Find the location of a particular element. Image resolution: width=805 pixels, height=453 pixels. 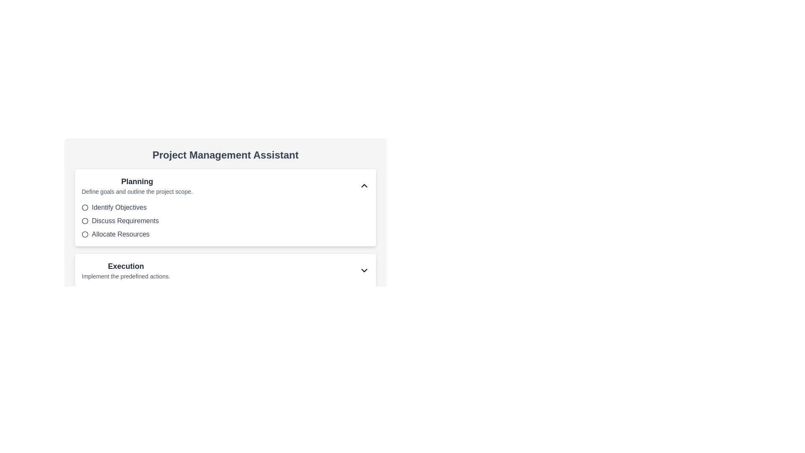

the text label displaying 'Implement the predefined actions.' which is located in the 'Execution' subsection of the interface, centered below the subtitle 'Execution.' is located at coordinates (125, 276).